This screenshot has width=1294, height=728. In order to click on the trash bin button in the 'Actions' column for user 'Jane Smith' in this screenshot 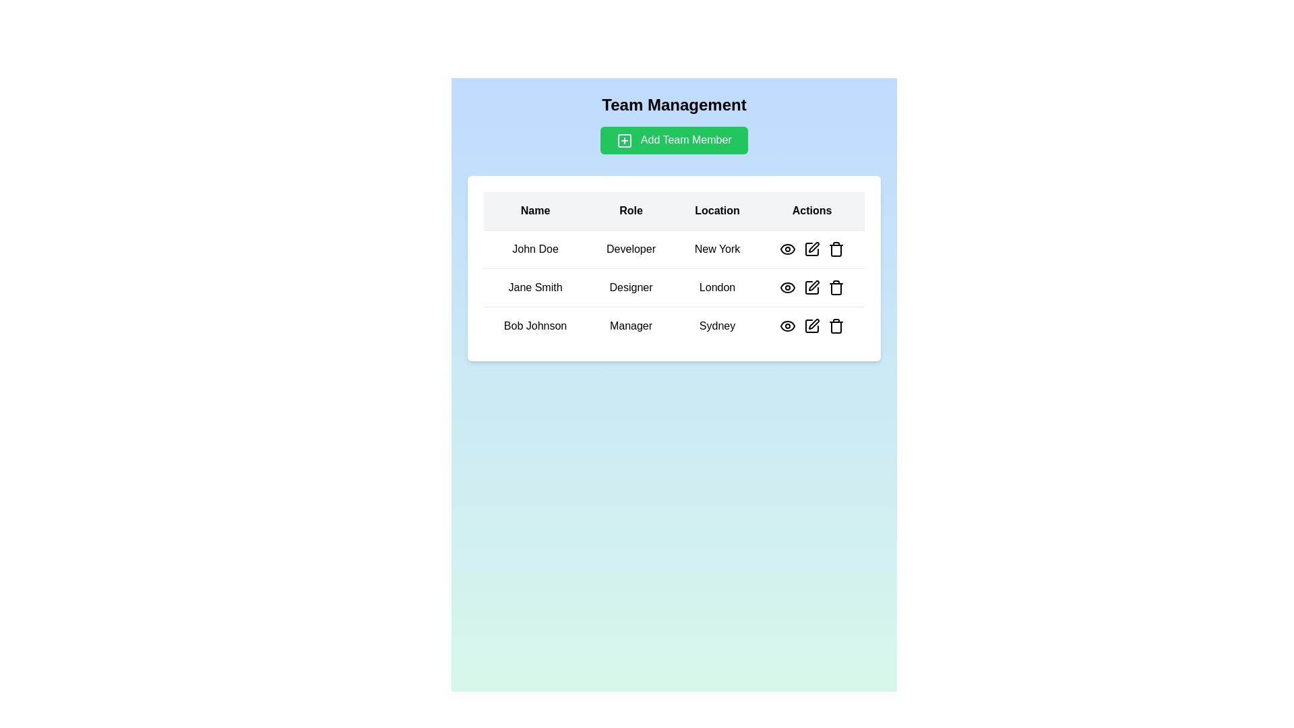, I will do `click(836, 286)`.